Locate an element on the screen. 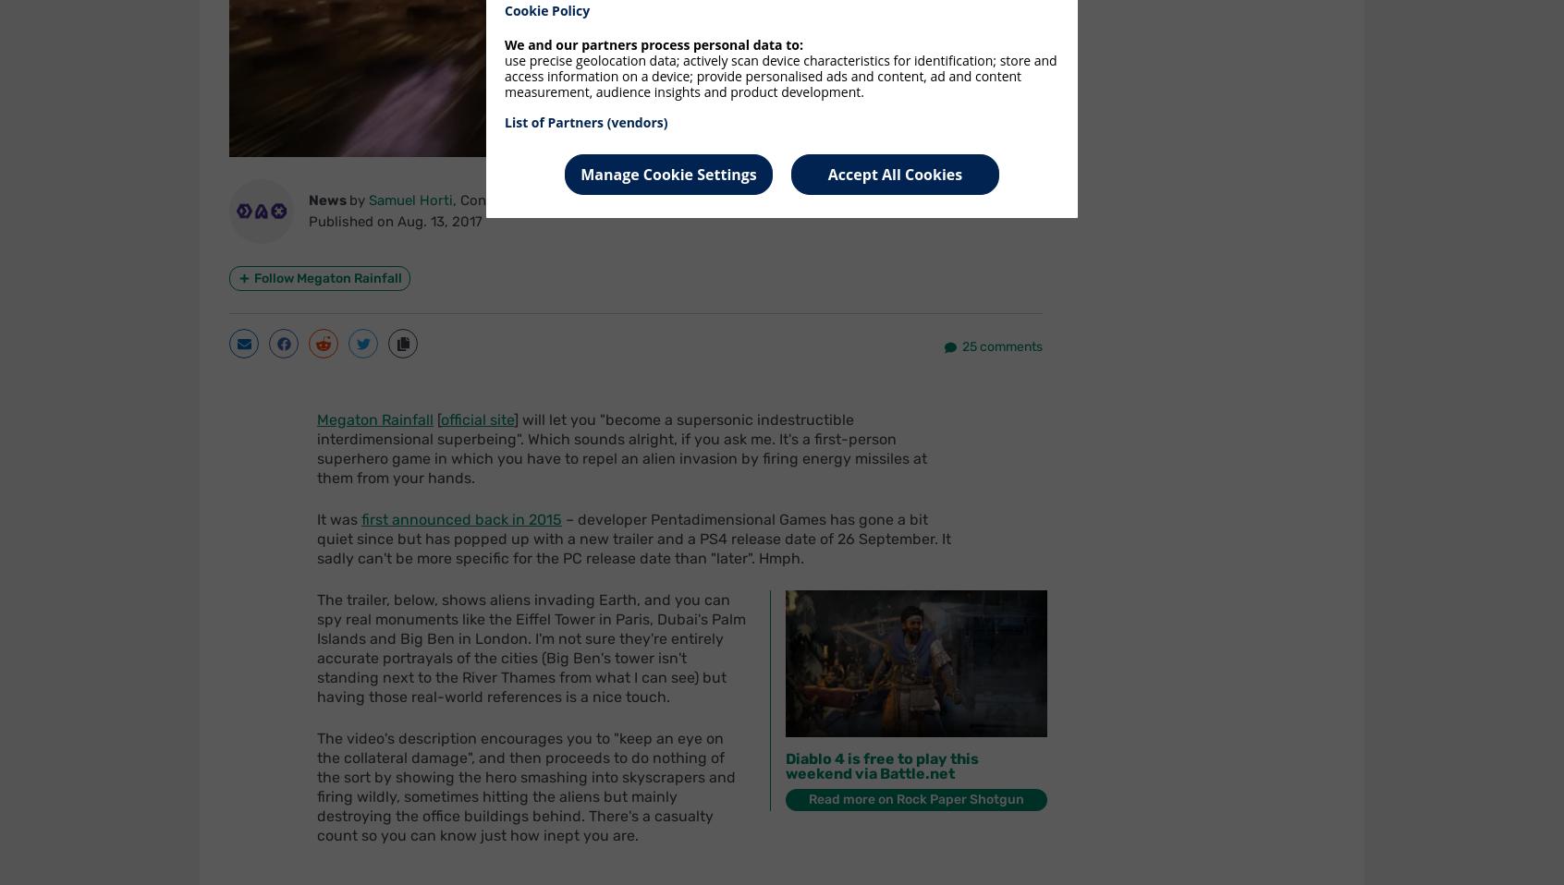 This screenshot has height=885, width=1564. 'News' is located at coordinates (328, 199).